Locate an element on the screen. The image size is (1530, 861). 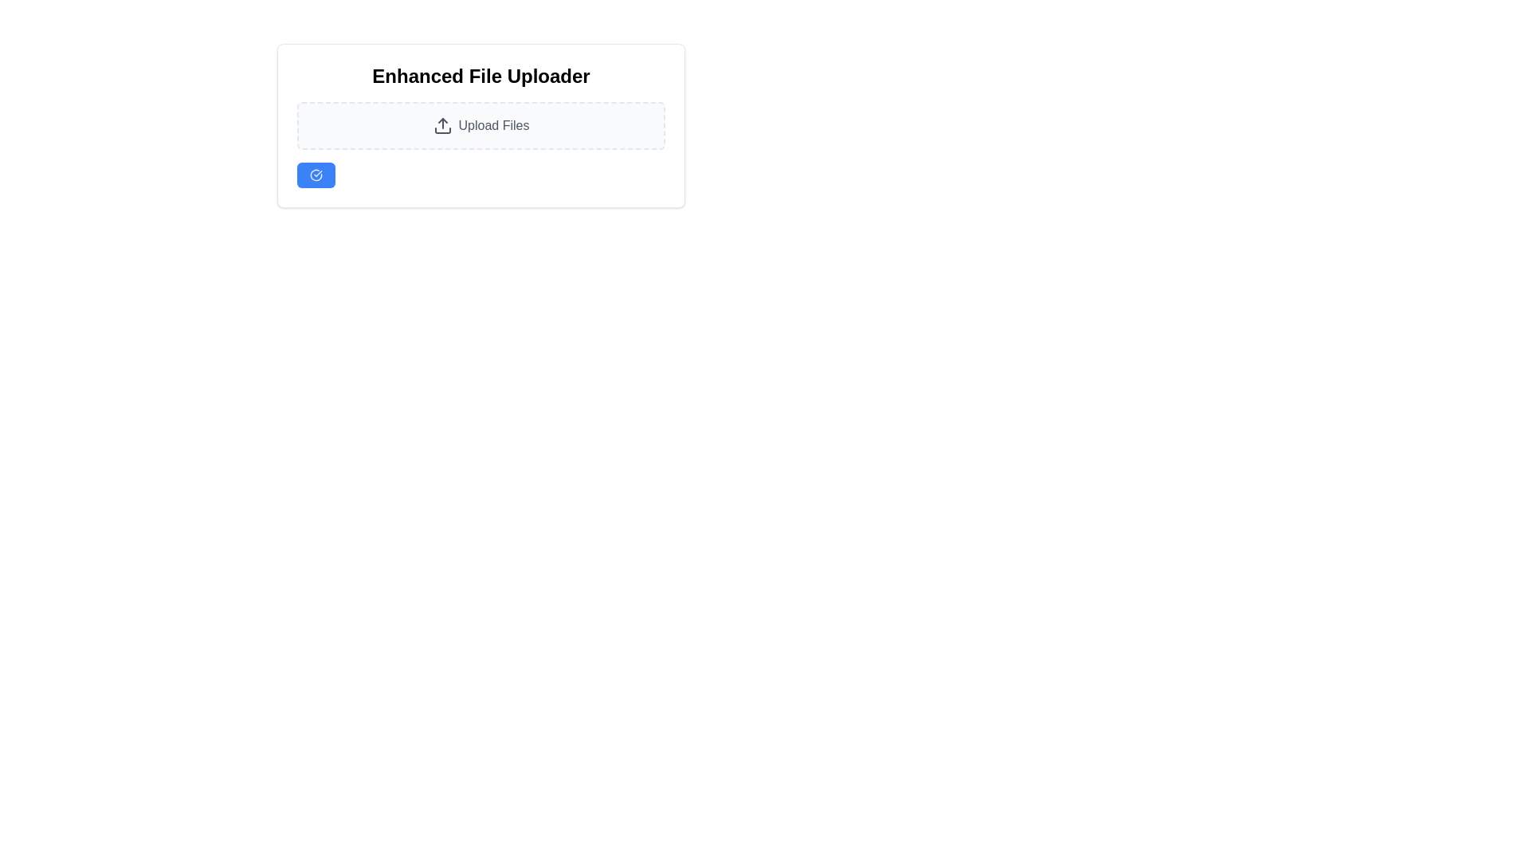
the checkmark icon within the blue circular button in the 'Enhanced File Uploader' card, which represents a confirmation action is located at coordinates (316, 175).